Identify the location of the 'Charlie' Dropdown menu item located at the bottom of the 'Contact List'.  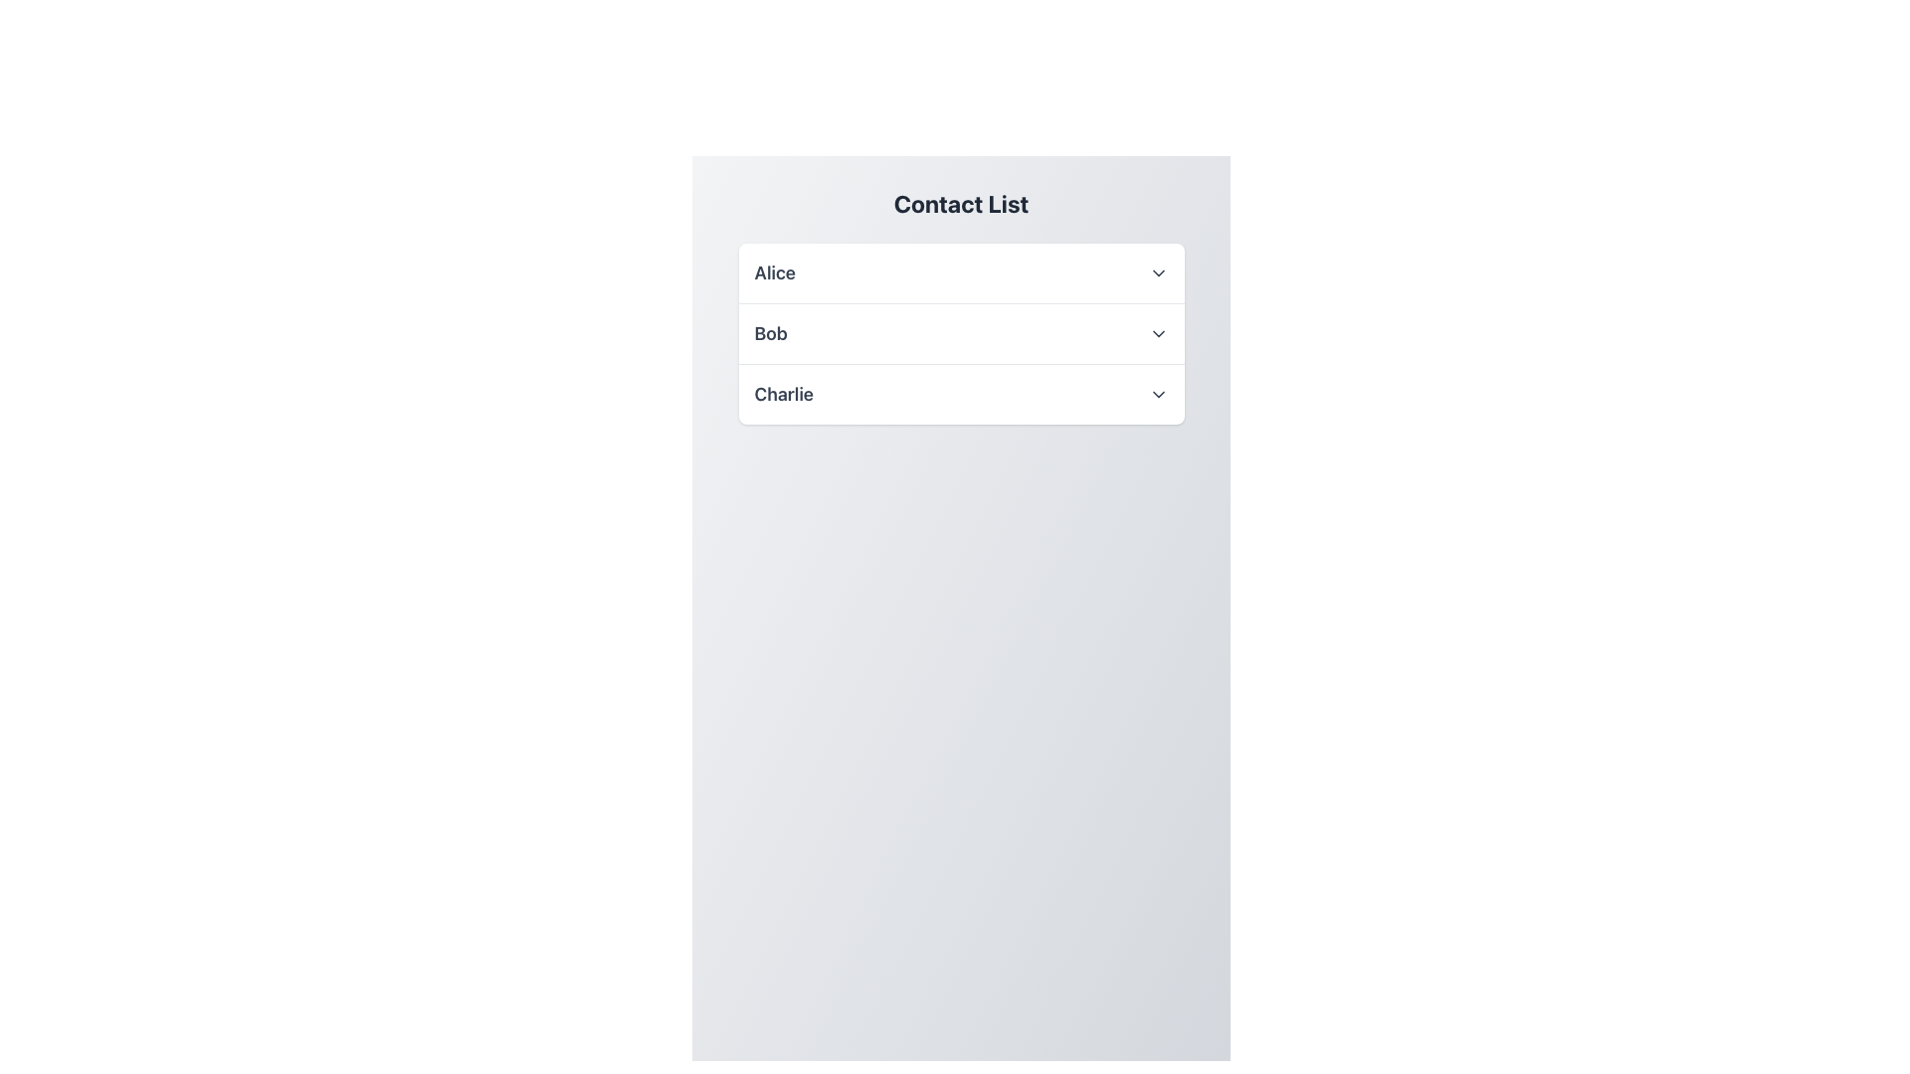
(961, 395).